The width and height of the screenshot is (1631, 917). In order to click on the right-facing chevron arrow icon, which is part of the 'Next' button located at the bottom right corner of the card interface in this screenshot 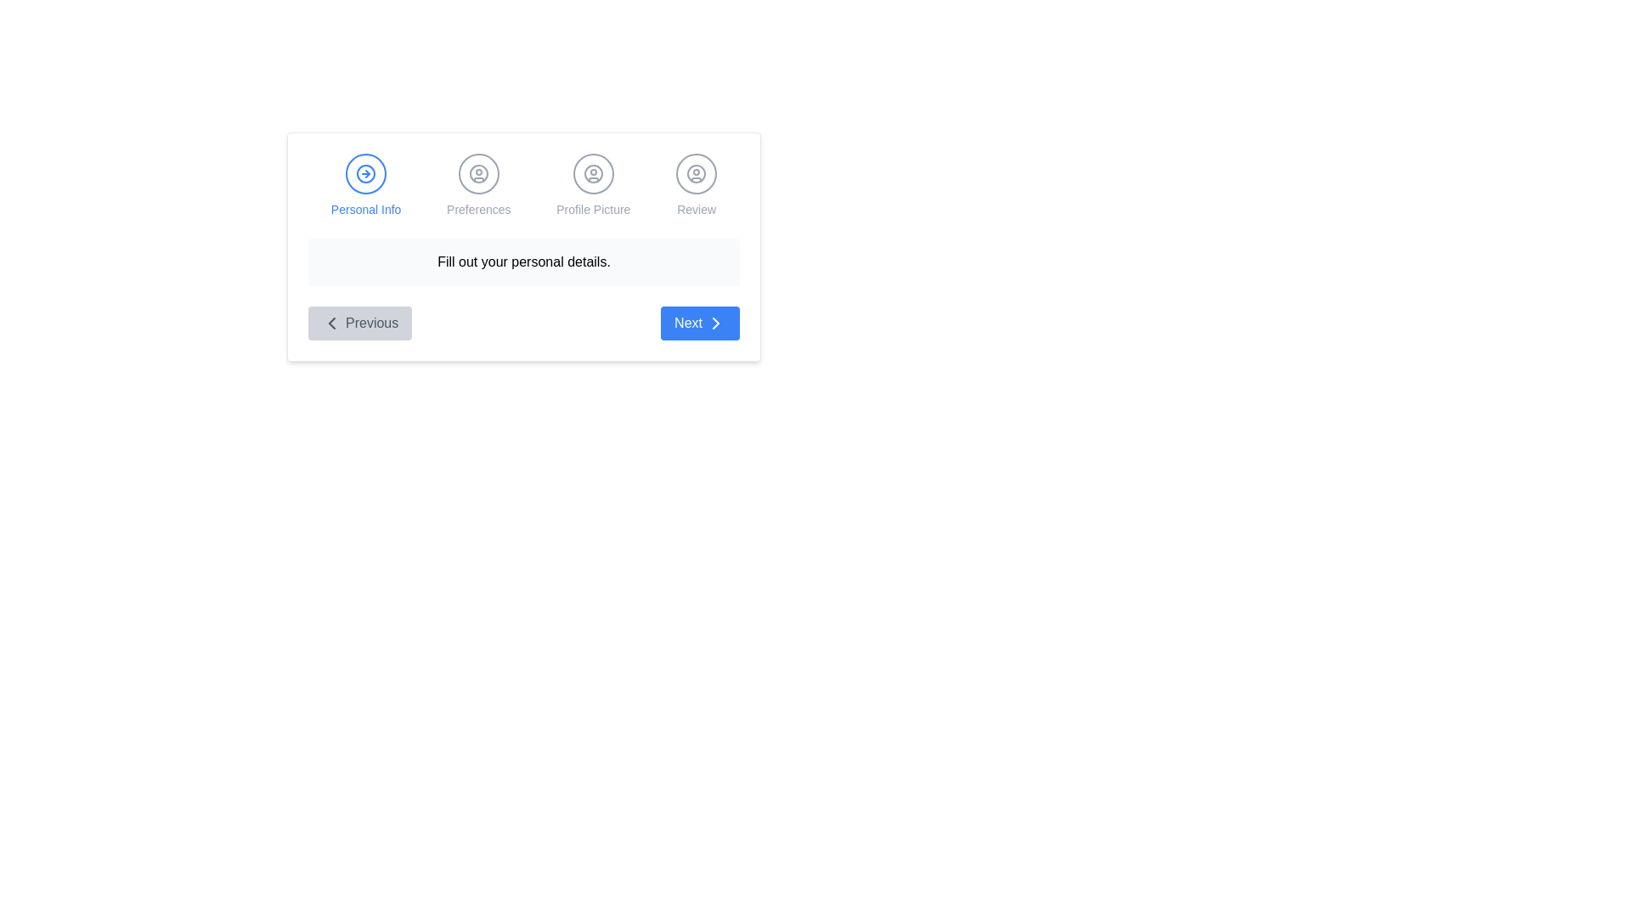, I will do `click(716, 323)`.